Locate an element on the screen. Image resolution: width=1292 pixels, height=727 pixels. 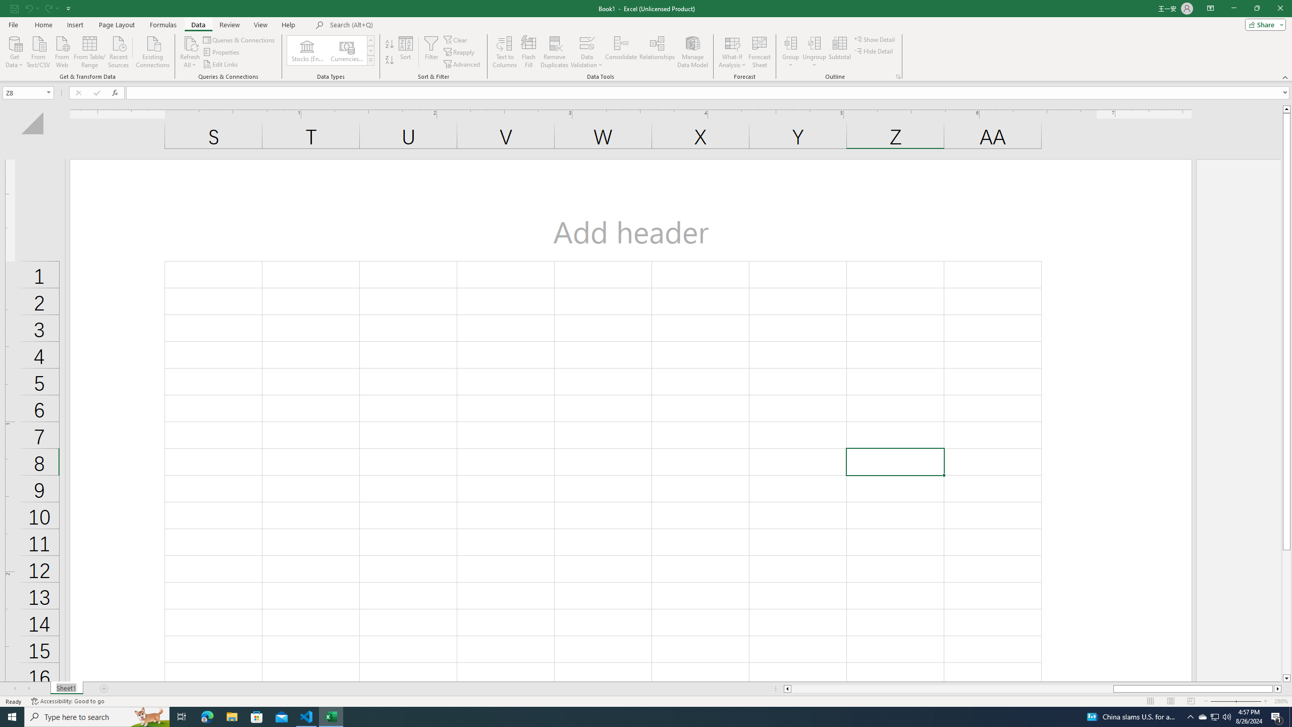
'Consolidate...' is located at coordinates (621, 52).